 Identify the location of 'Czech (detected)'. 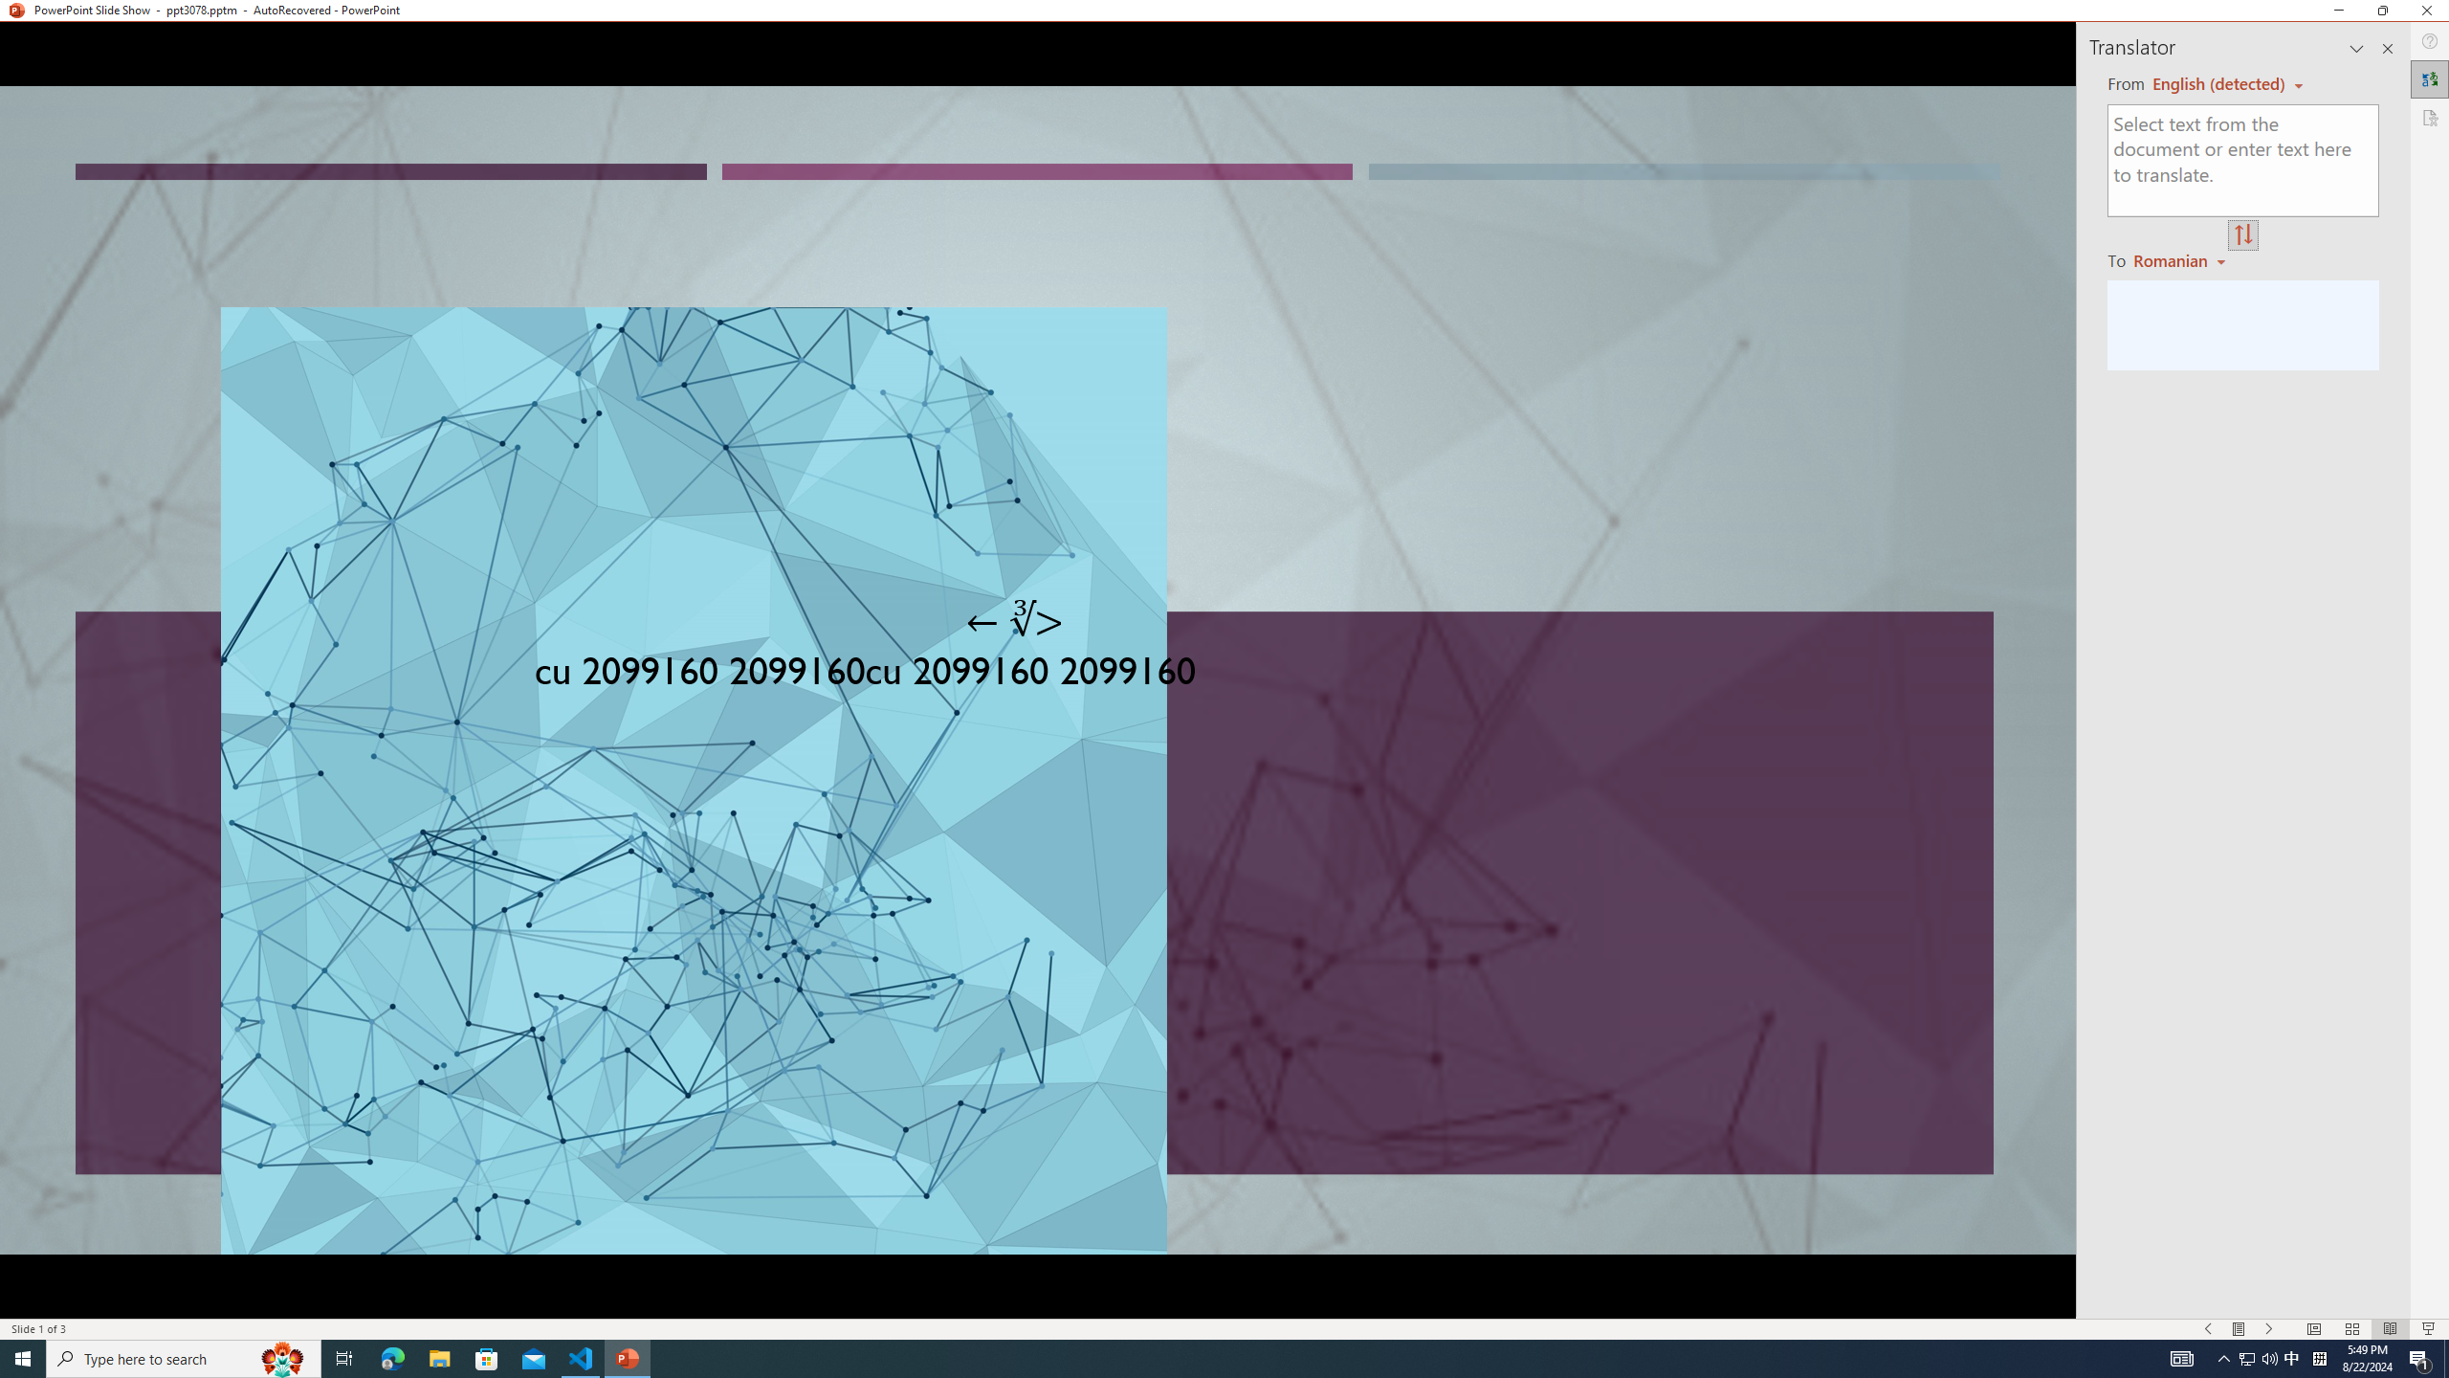
(2218, 84).